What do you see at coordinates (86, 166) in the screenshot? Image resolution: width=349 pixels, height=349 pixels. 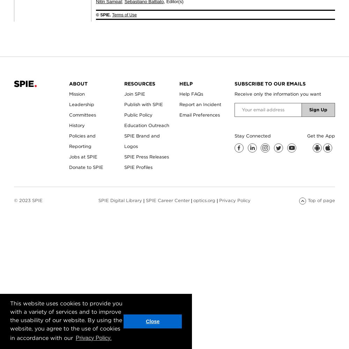 I see `'Donate to SPIE'` at bounding box center [86, 166].